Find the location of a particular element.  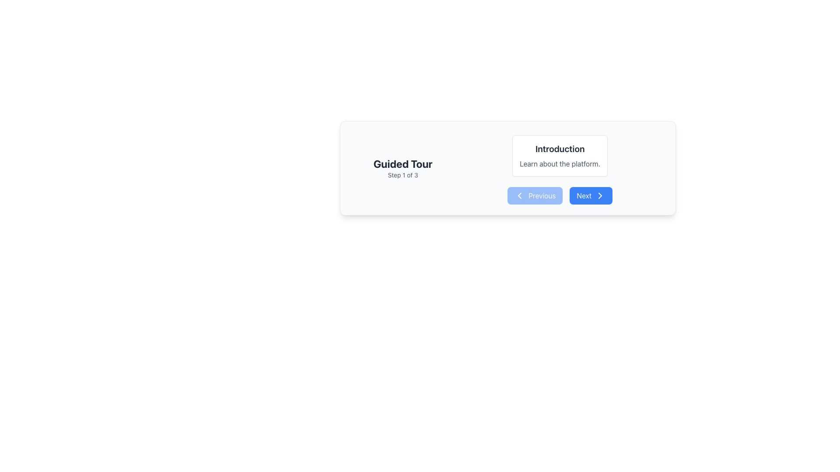

the 'Previous' button with a blue background and white text, located at the bottom left of the navigation button group is located at coordinates (535, 195).